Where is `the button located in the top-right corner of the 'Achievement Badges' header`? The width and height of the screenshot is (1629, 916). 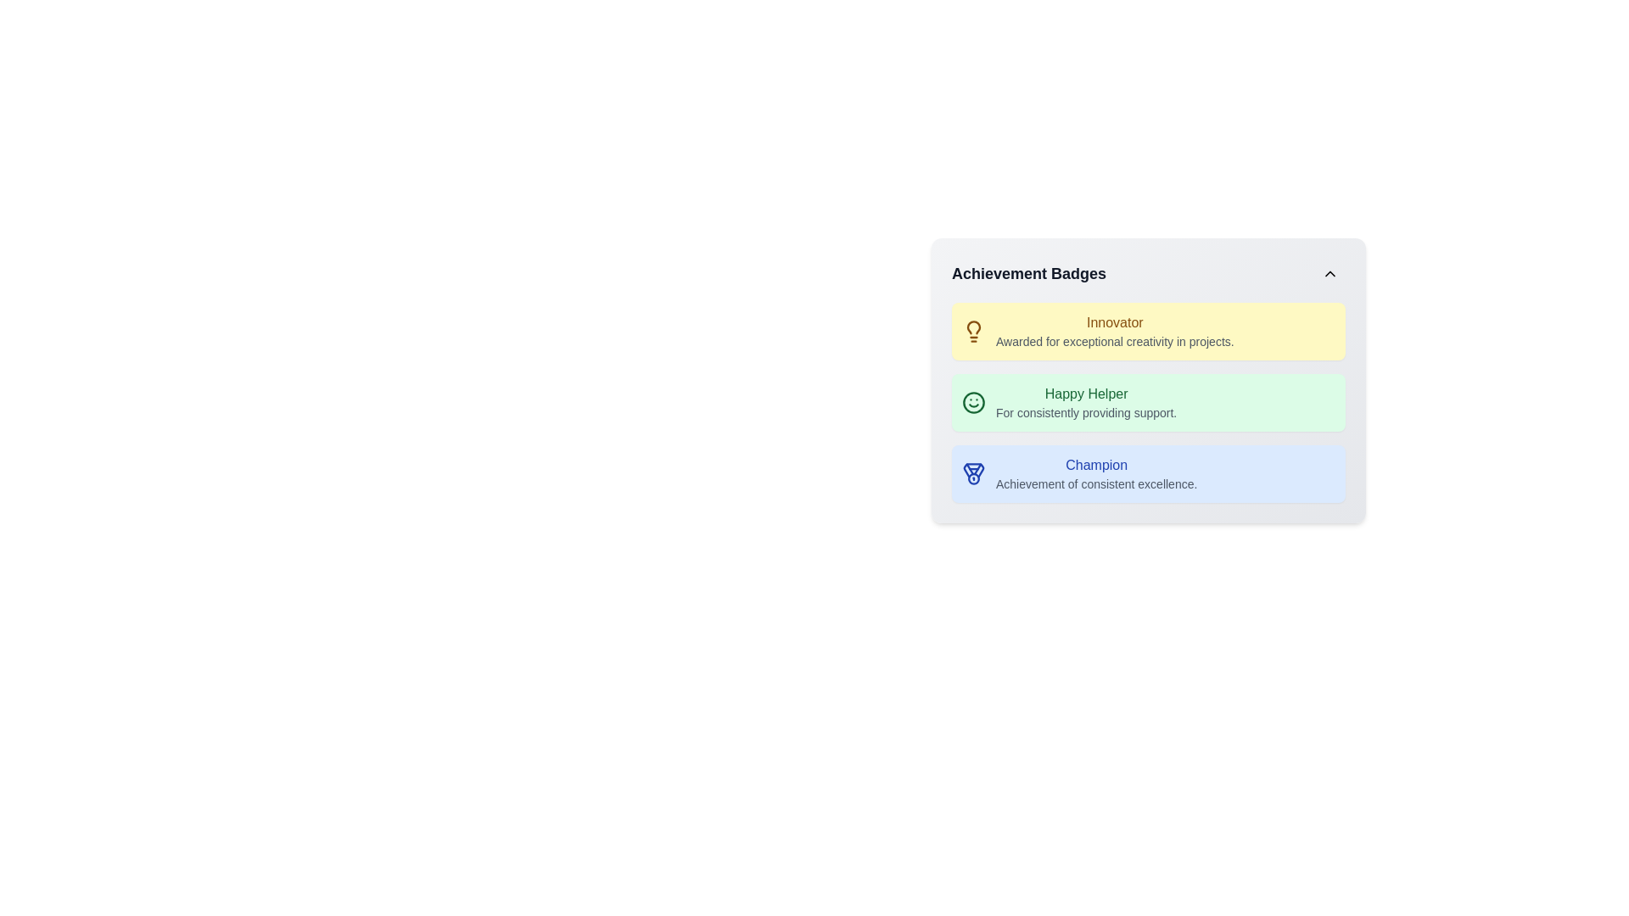 the button located in the top-right corner of the 'Achievement Badges' header is located at coordinates (1330, 273).